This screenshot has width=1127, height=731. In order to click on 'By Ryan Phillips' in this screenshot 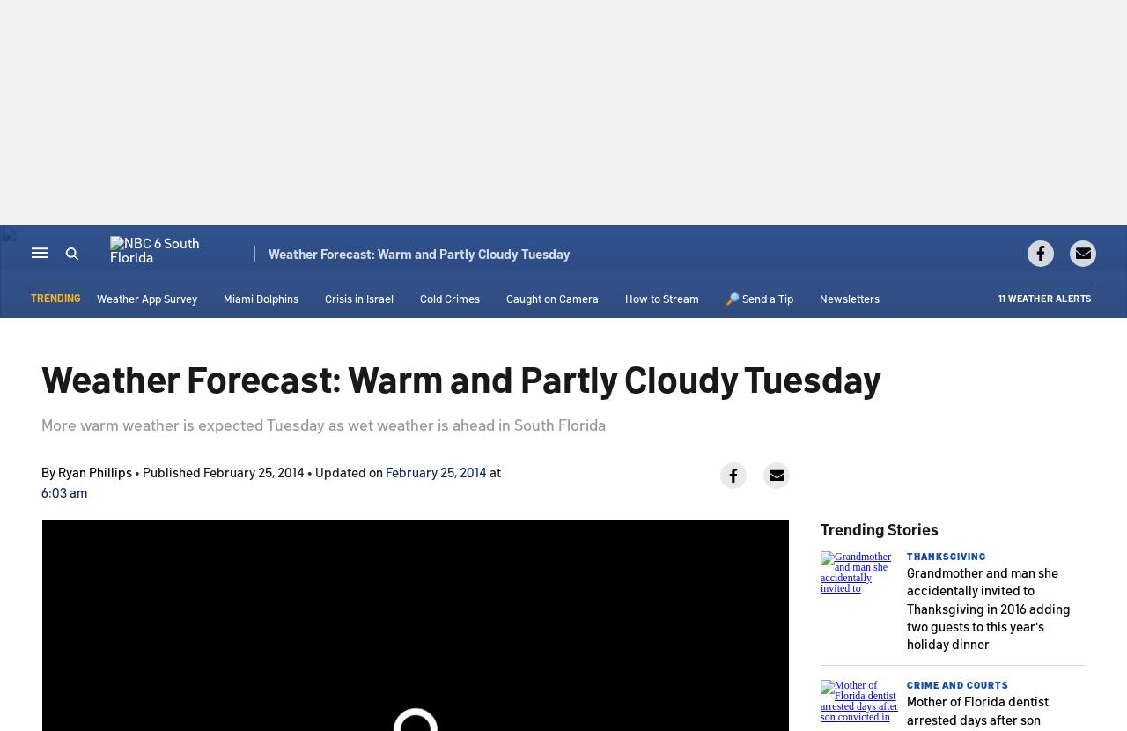, I will do `click(86, 471)`.